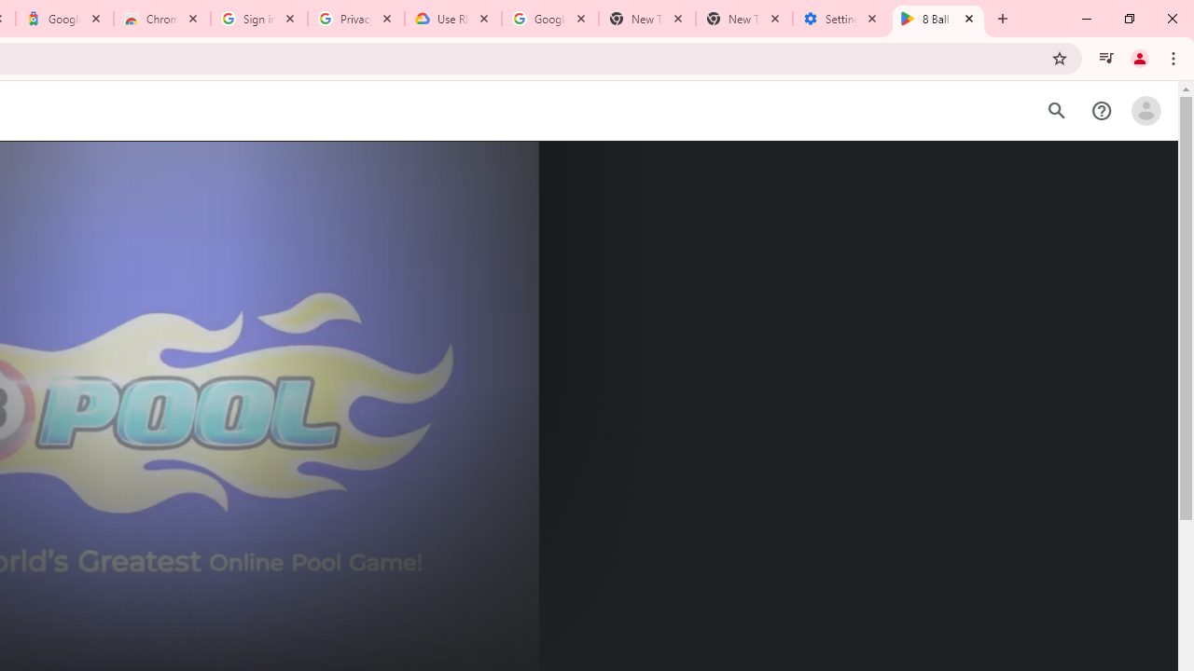 This screenshot has width=1194, height=671. What do you see at coordinates (64, 19) in the screenshot?
I see `'Google'` at bounding box center [64, 19].